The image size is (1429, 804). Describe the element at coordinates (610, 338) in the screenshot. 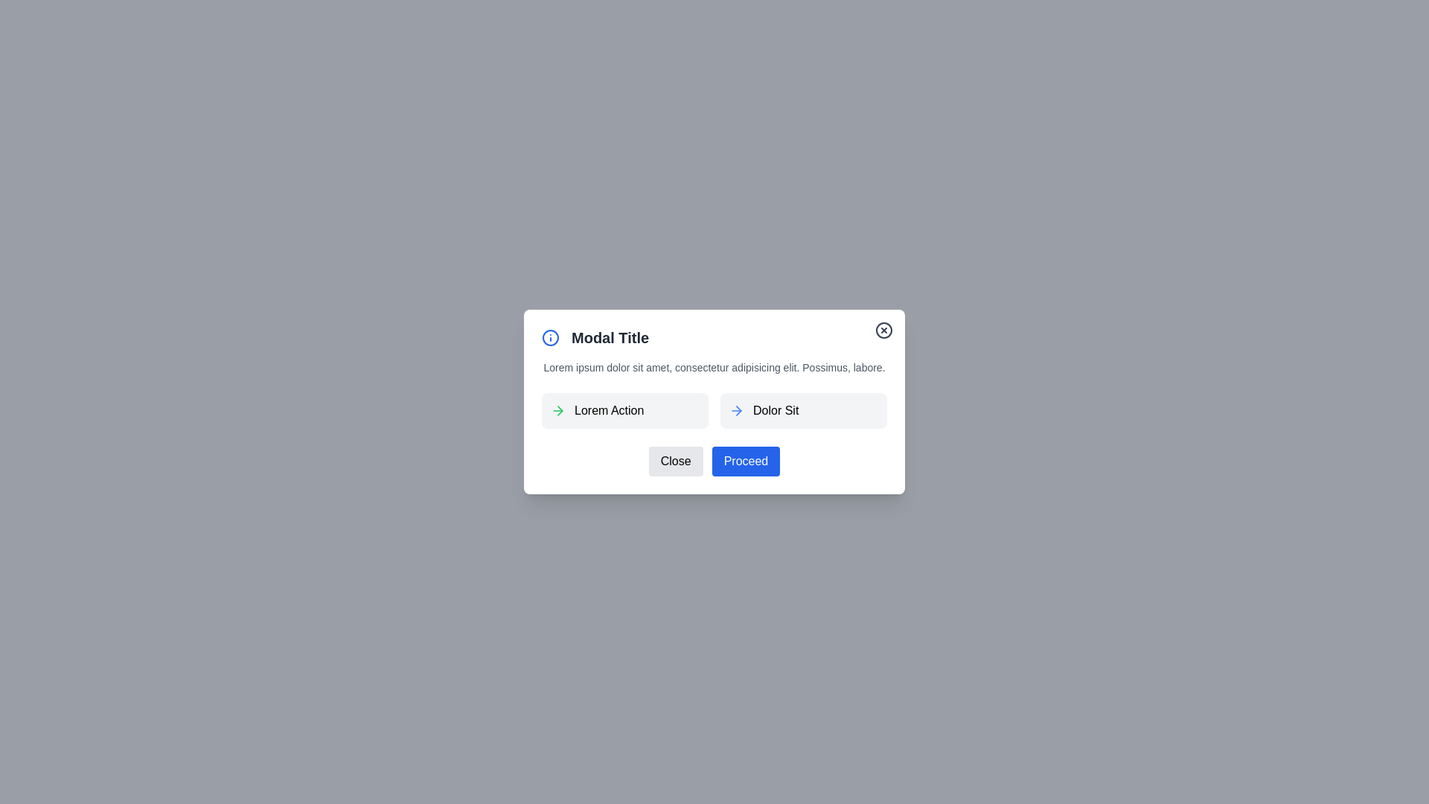

I see `text from the 'Modal Title' label, which is a prominent text element in the modal header, positioned centrally and to the right of an info icon` at that location.